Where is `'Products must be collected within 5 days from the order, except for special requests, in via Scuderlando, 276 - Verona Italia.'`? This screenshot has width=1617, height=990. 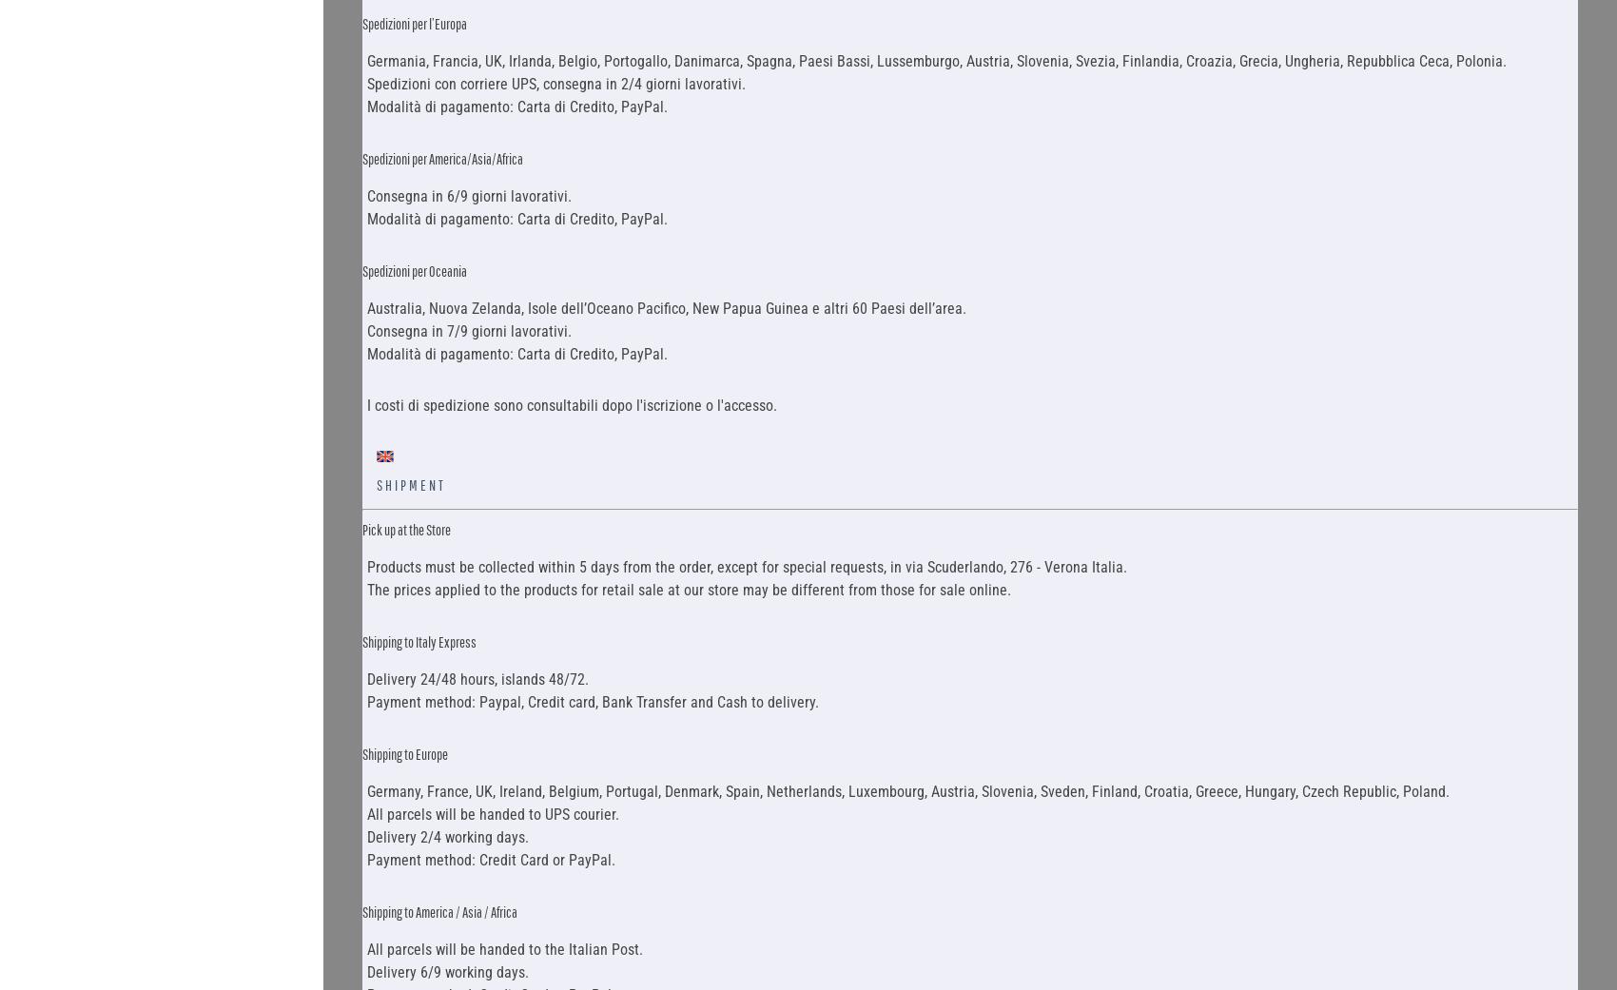
'Products must be collected within 5 days from the order, except for special requests, in via Scuderlando, 276 - Verona Italia.' is located at coordinates (365, 566).